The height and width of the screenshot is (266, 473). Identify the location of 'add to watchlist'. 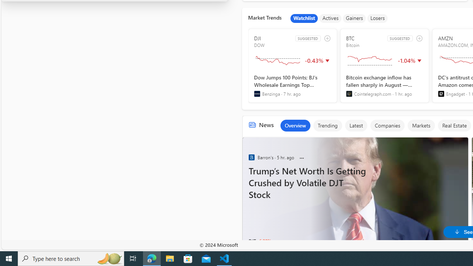
(419, 38).